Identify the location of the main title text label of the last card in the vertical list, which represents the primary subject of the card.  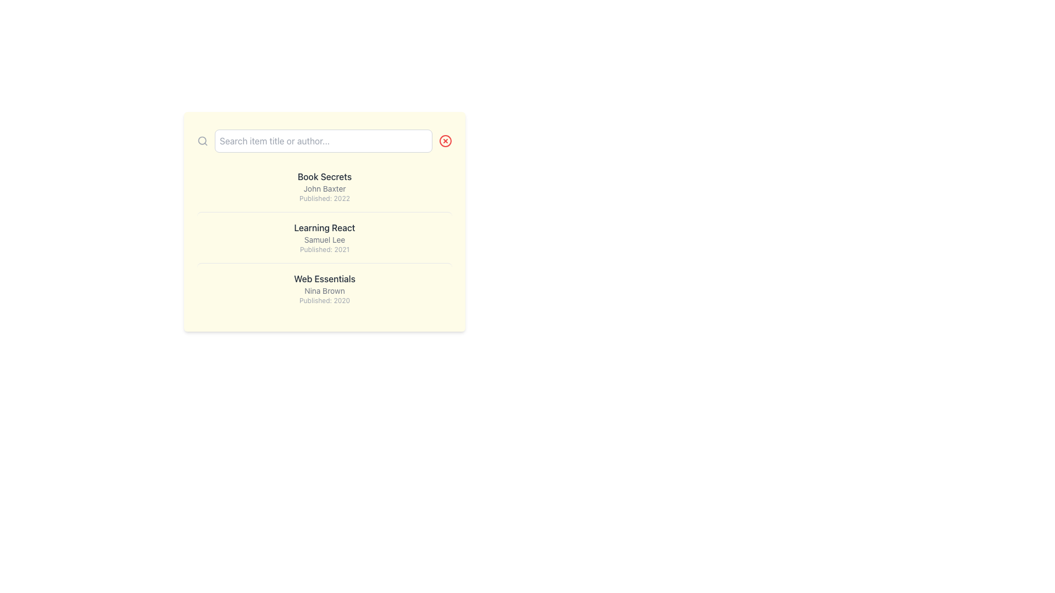
(324, 278).